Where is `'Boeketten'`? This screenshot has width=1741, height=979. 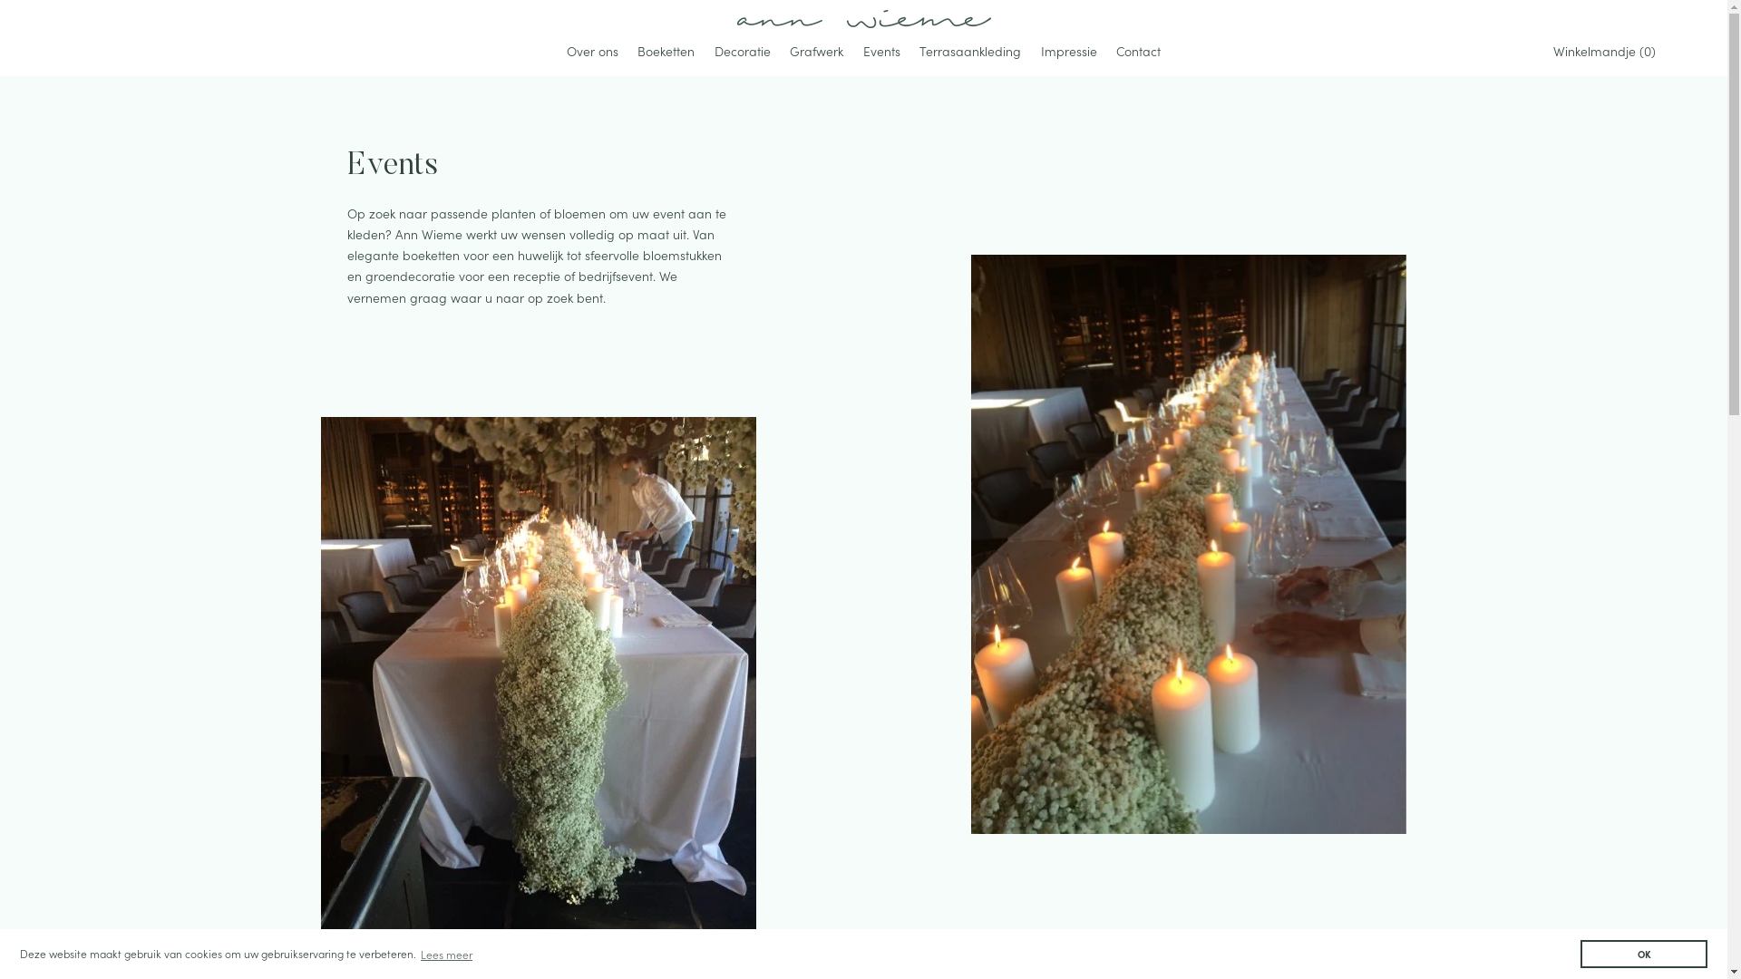
'Boeketten' is located at coordinates (665, 52).